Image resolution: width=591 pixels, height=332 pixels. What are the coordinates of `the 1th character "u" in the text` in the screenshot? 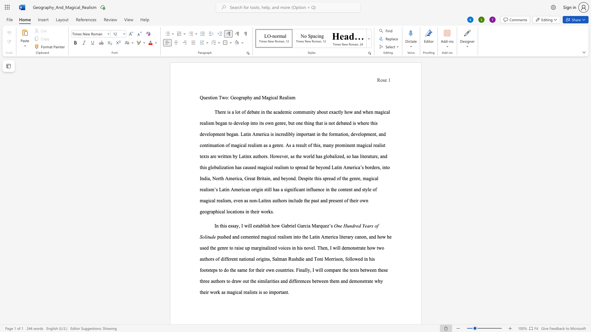 It's located at (275, 200).